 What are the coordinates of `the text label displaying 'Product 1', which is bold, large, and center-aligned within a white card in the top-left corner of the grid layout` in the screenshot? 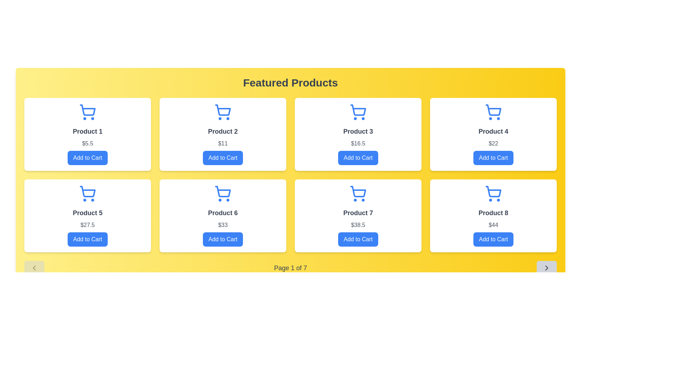 It's located at (87, 131).